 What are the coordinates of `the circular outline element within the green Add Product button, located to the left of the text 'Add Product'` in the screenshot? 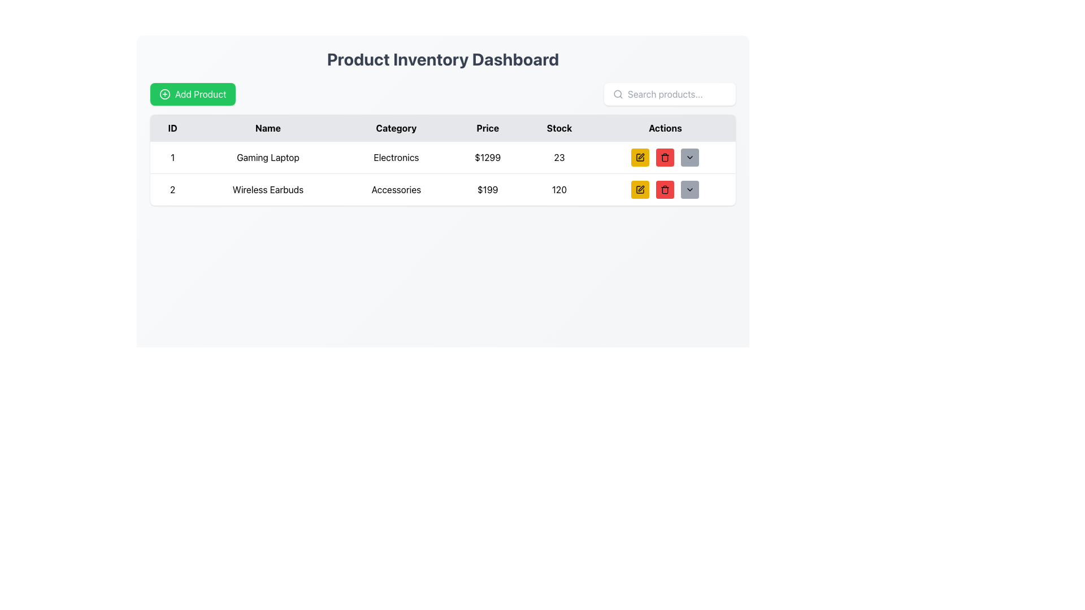 It's located at (164, 93).